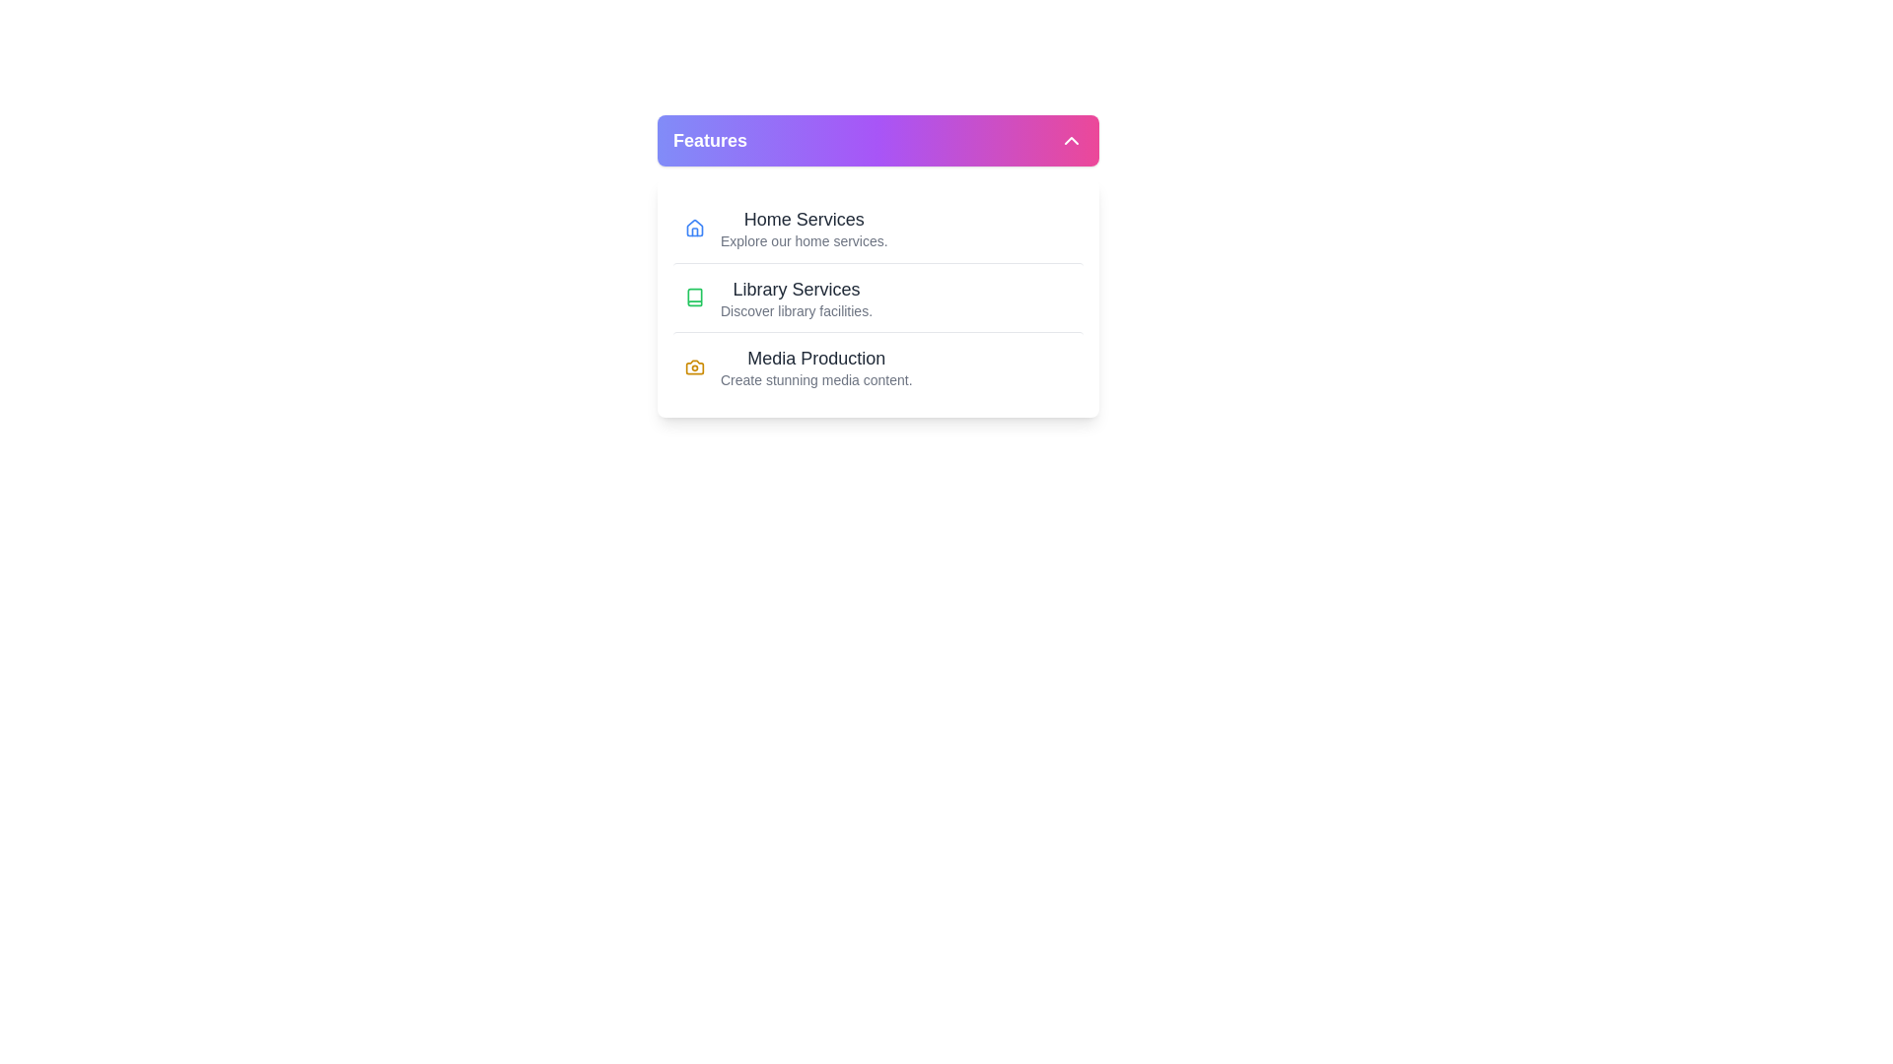 The image size is (1893, 1064). I want to click on the expand/collapse icon located at the far right of the 'Features' header, so click(1070, 139).